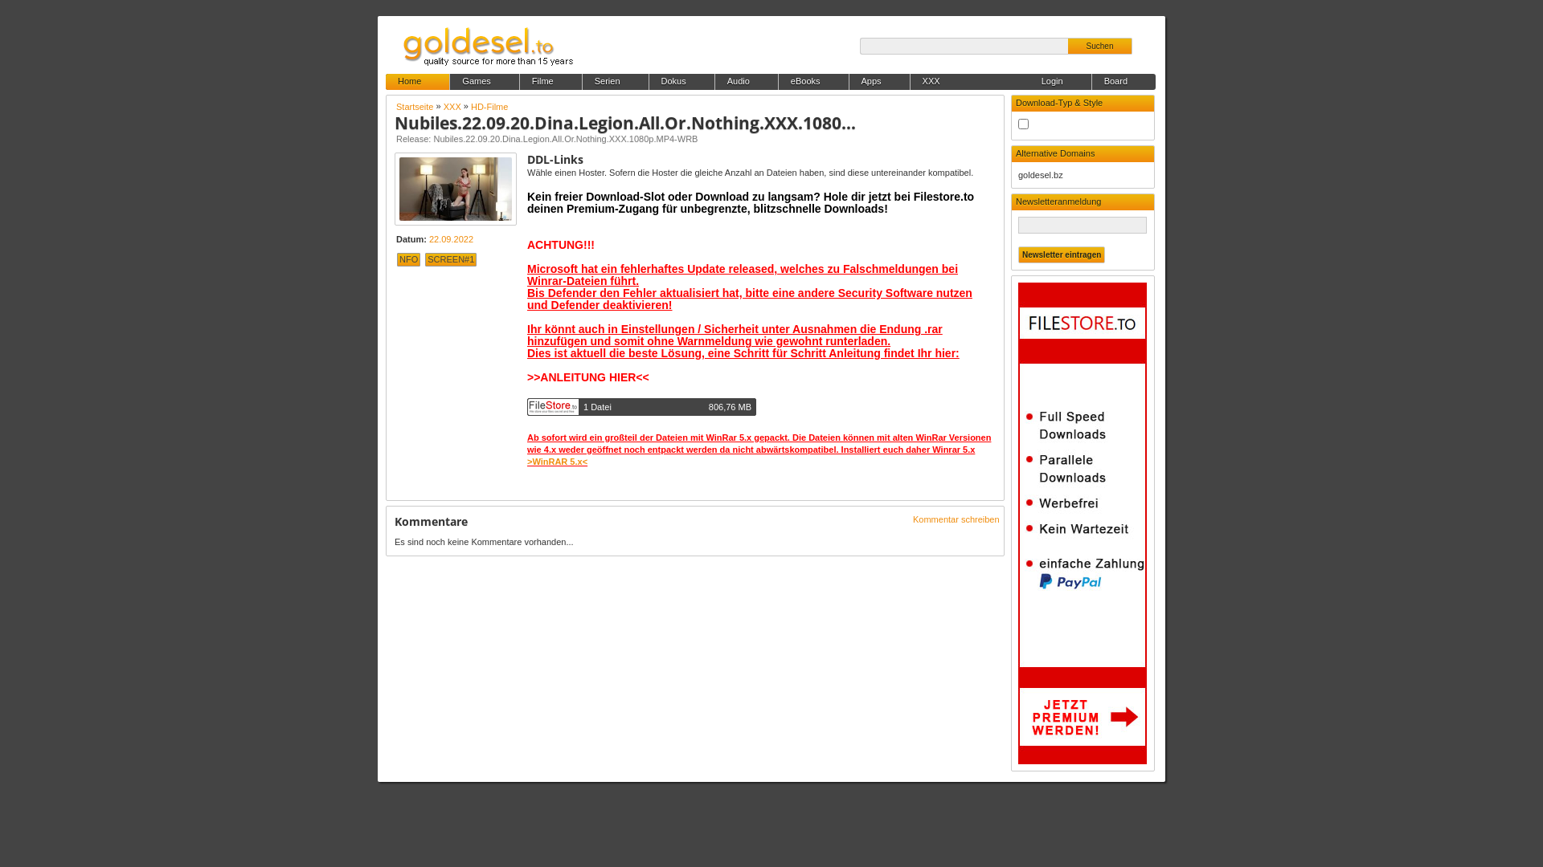 The image size is (1543, 867). Describe the element at coordinates (956, 519) in the screenshot. I see `'Kommentar schreiben'` at that location.